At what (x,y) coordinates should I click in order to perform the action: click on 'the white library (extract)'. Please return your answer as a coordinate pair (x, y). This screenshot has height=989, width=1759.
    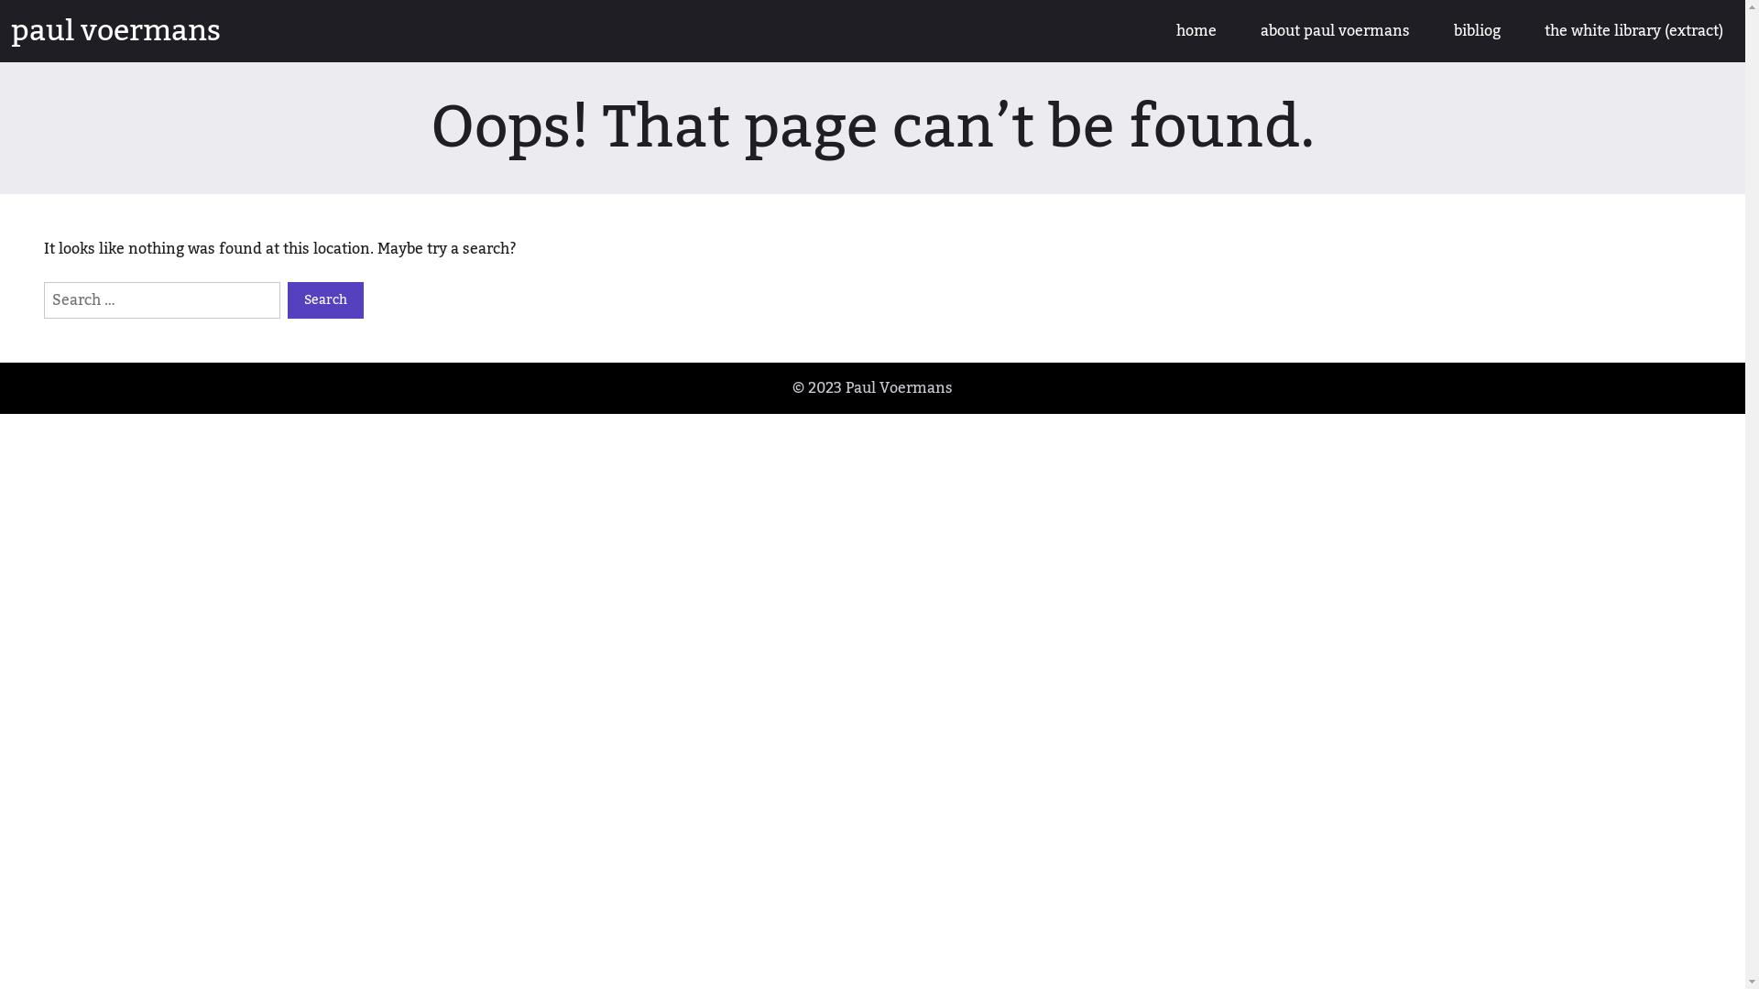
    Looking at the image, I should click on (1633, 31).